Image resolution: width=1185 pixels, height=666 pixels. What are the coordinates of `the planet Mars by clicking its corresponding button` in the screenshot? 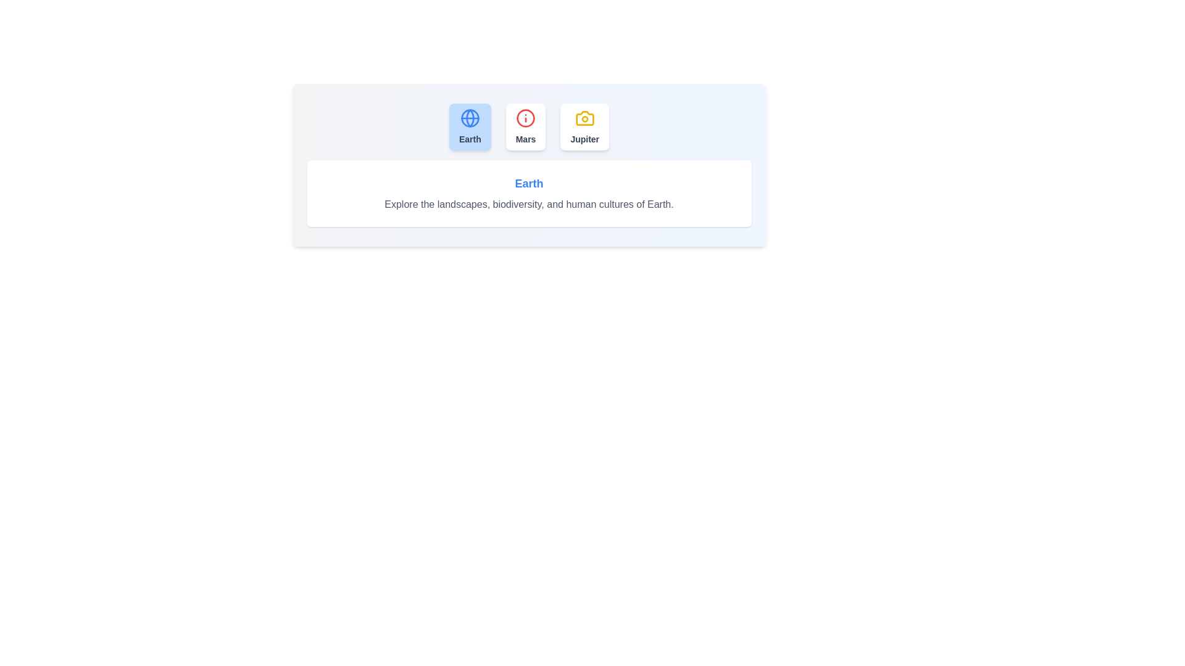 It's located at (526, 126).